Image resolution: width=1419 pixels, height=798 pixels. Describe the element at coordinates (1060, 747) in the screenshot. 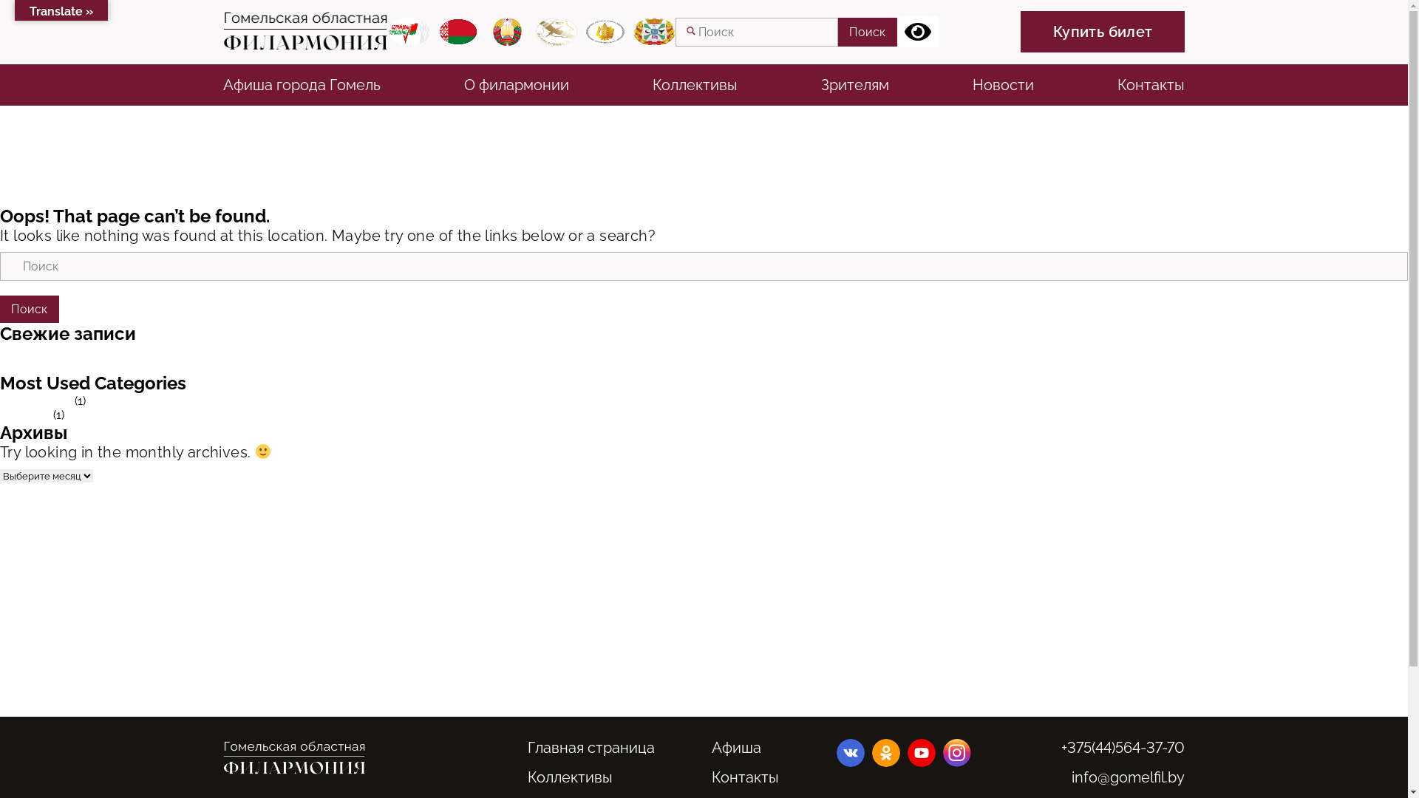

I see `'+375(44)564-37-70'` at that location.